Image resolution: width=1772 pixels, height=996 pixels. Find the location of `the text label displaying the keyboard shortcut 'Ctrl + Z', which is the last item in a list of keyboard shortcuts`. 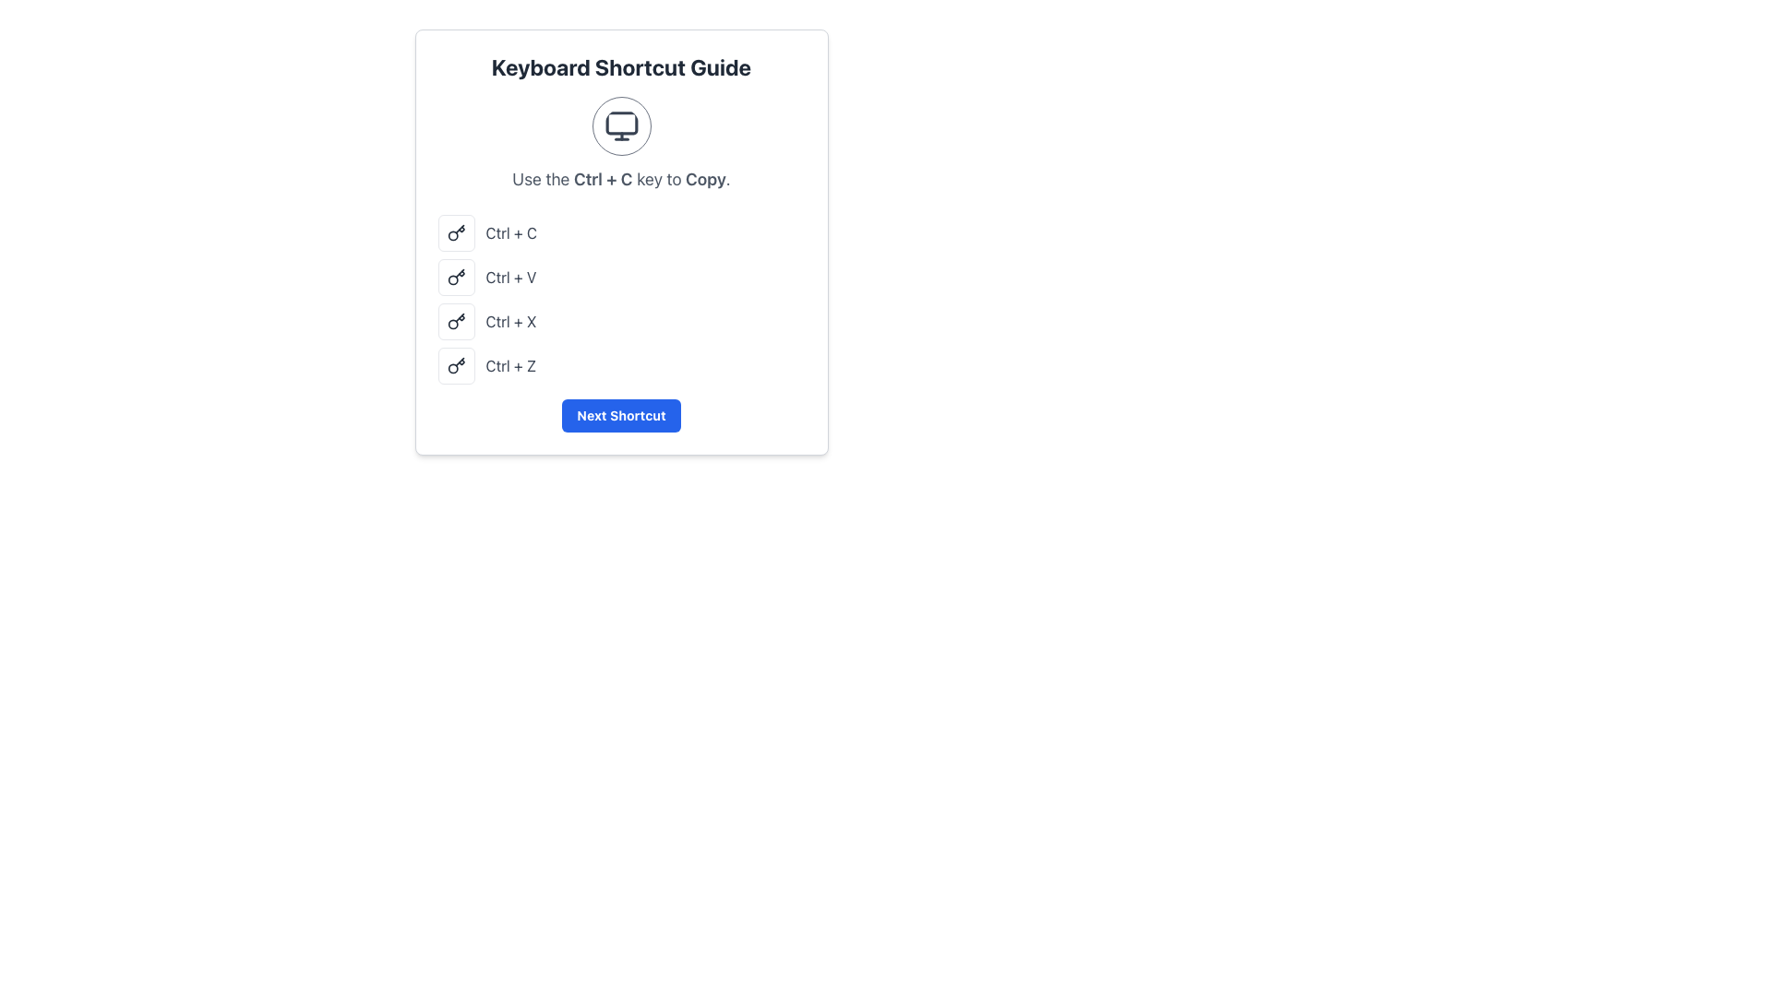

the text label displaying the keyboard shortcut 'Ctrl + Z', which is the last item in a list of keyboard shortcuts is located at coordinates (510, 366).